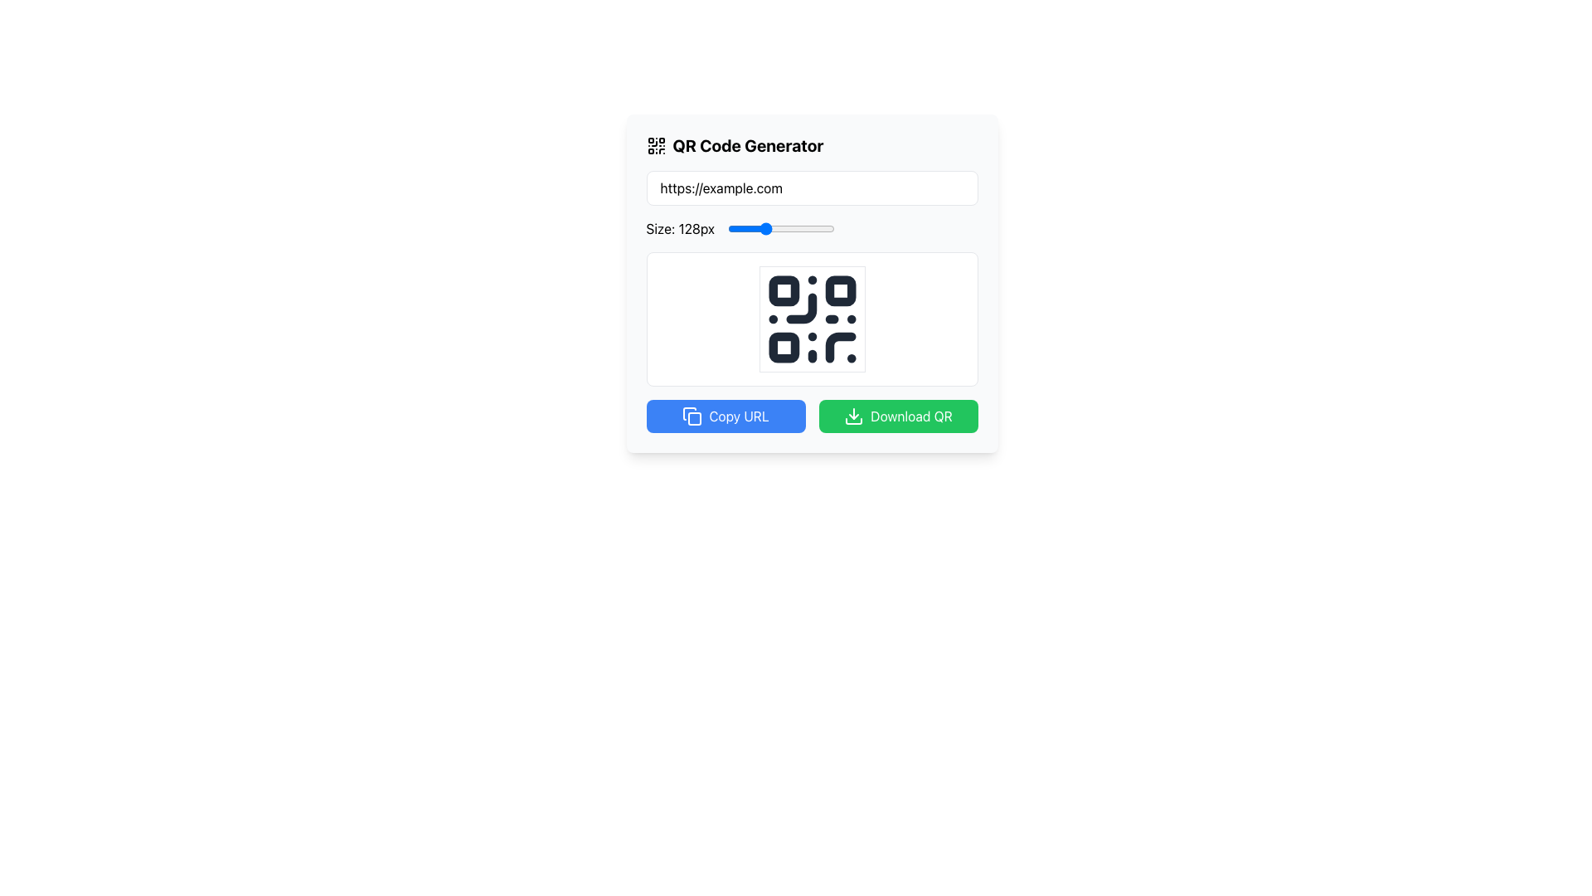  I want to click on the green 'Download QR' button with a white download icon, located below the QR code image and to the right of the blue 'Copy URL' button, so click(897, 415).